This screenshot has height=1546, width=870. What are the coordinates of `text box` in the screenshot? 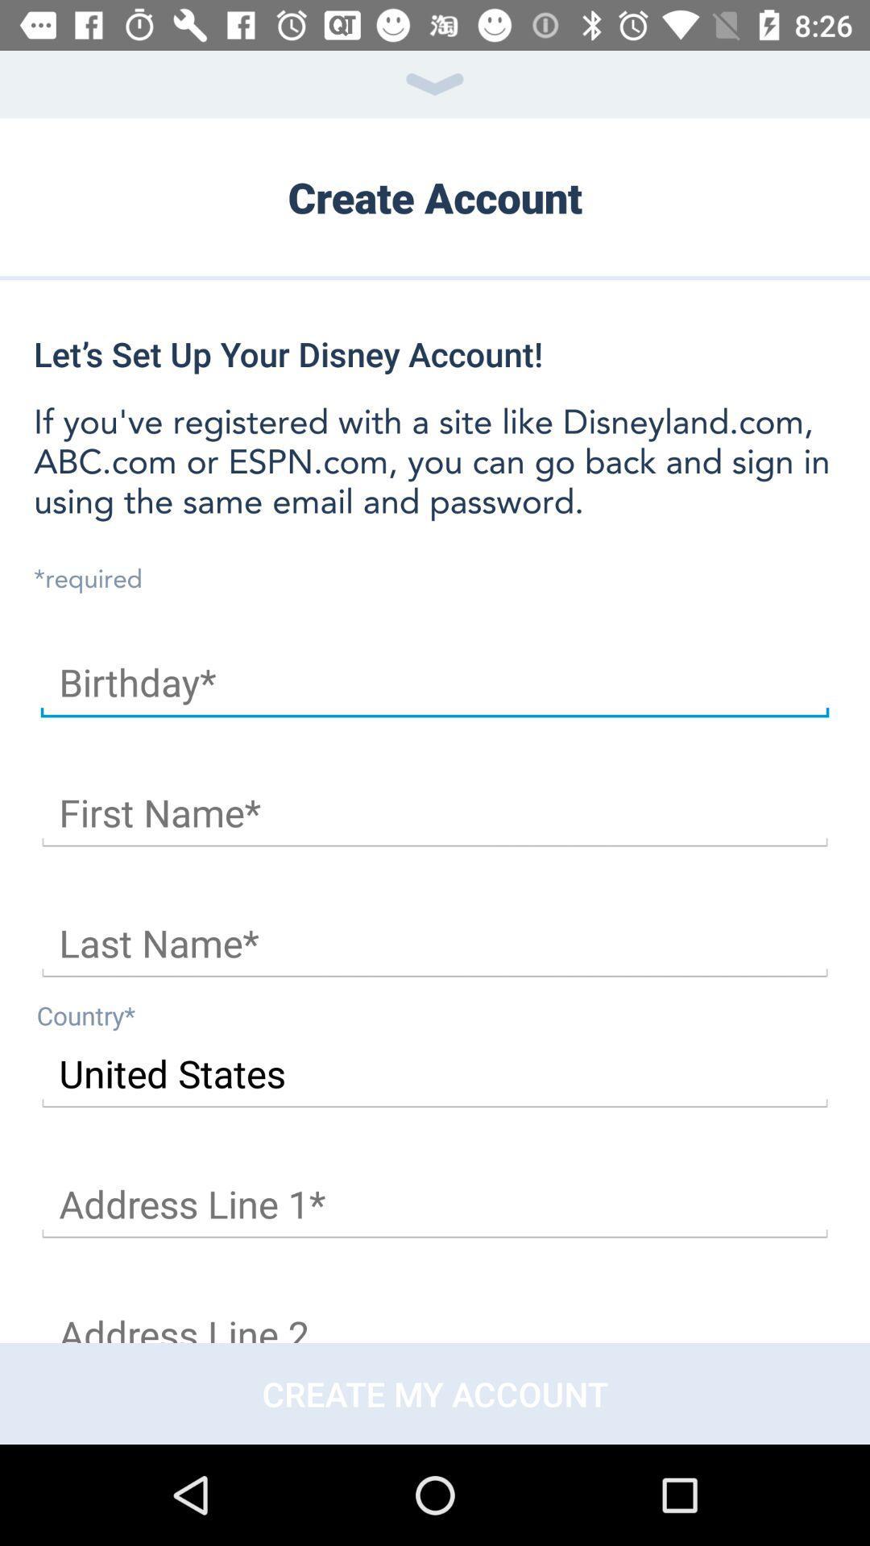 It's located at (435, 813).